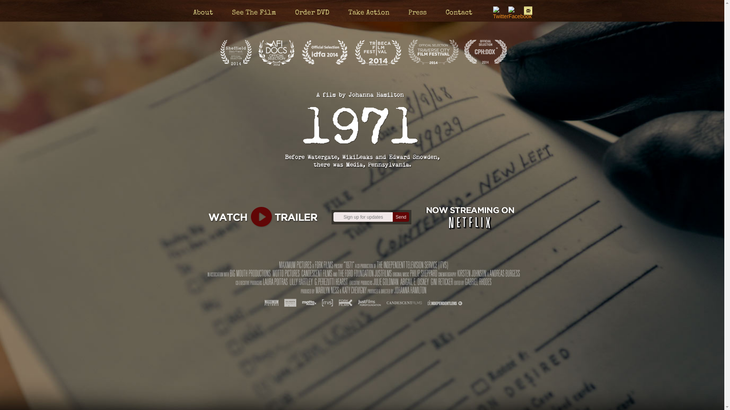  What do you see at coordinates (312, 13) in the screenshot?
I see `'Order DVD'` at bounding box center [312, 13].